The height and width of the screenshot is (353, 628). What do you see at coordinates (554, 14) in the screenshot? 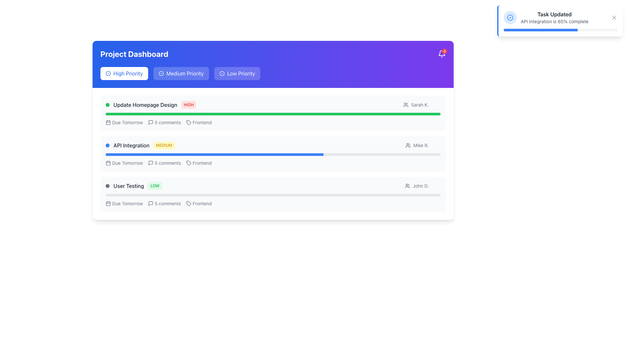
I see `the text label reading 'Task Updated', which is prominently styled in bold dark gray color at the top of a notification card on the top-right side of the interface` at bounding box center [554, 14].